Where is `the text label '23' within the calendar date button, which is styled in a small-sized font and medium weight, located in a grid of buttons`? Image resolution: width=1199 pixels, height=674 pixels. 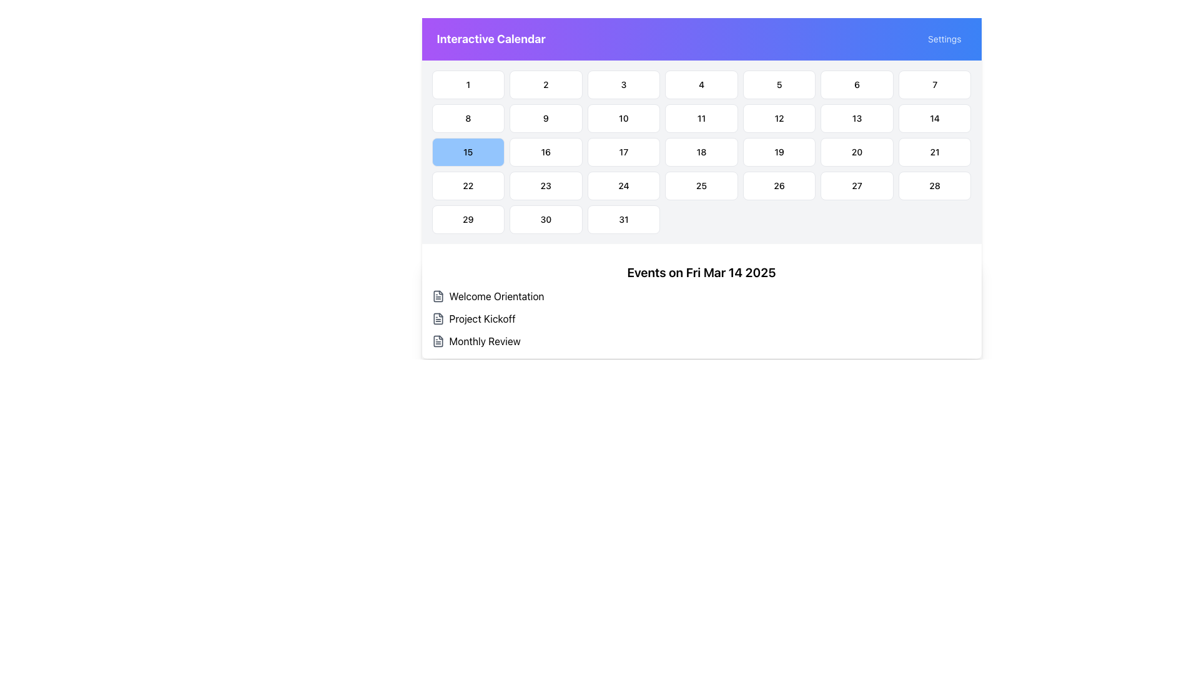 the text label '23' within the calendar date button, which is styled in a small-sized font and medium weight, located in a grid of buttons is located at coordinates (546, 185).